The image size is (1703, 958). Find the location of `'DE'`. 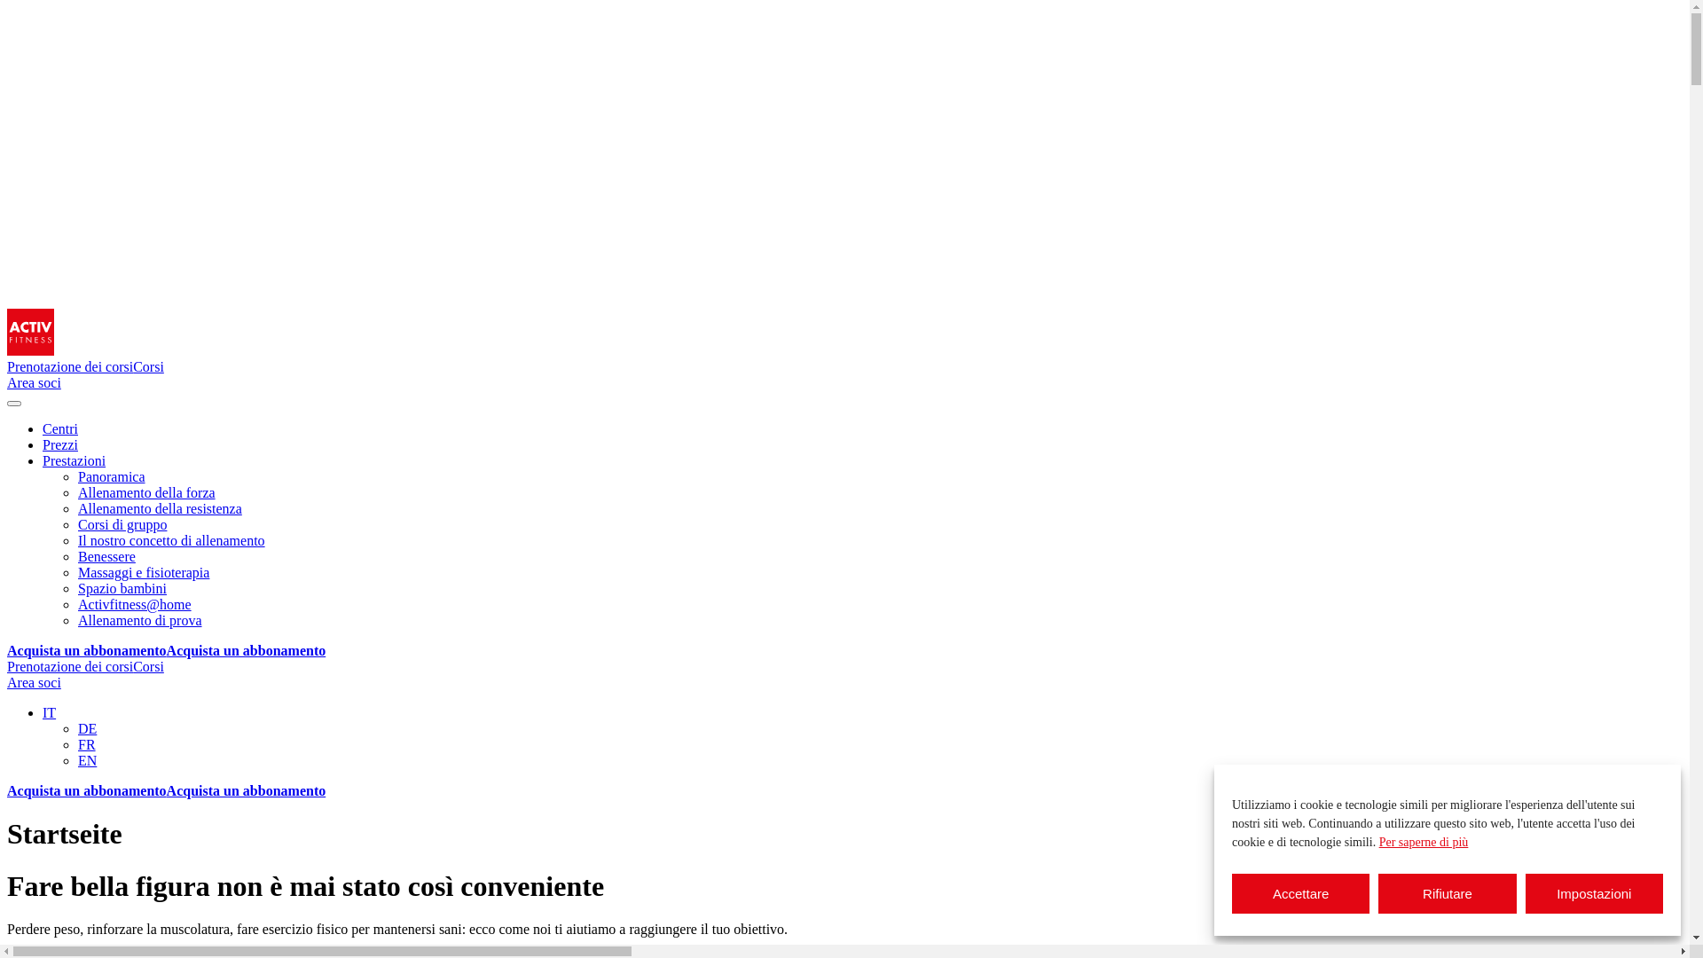

'DE' is located at coordinates (76, 728).